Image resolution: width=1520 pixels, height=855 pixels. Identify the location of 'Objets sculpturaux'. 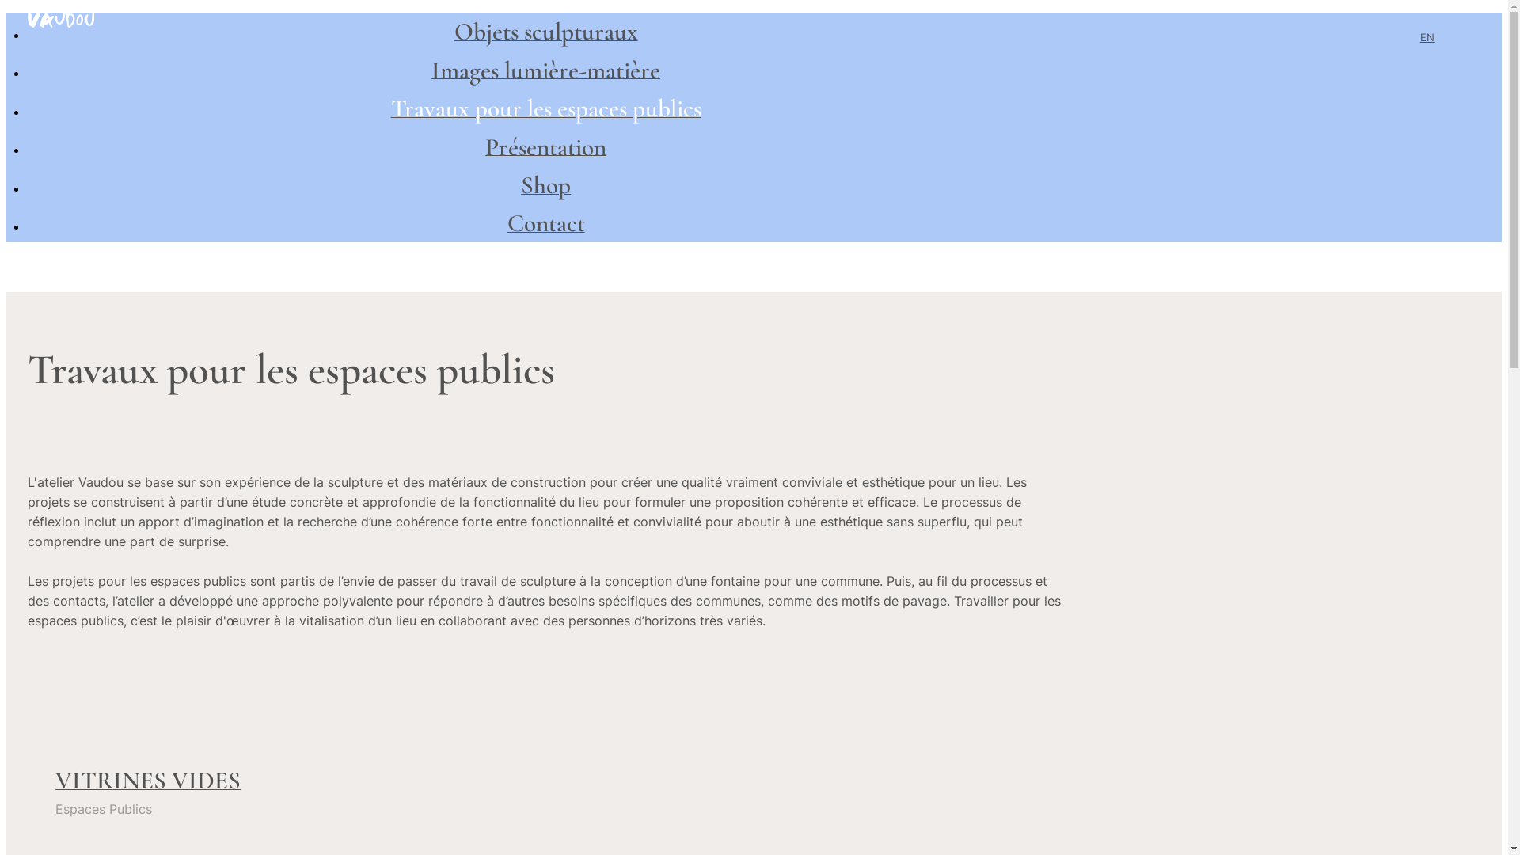
(546, 35).